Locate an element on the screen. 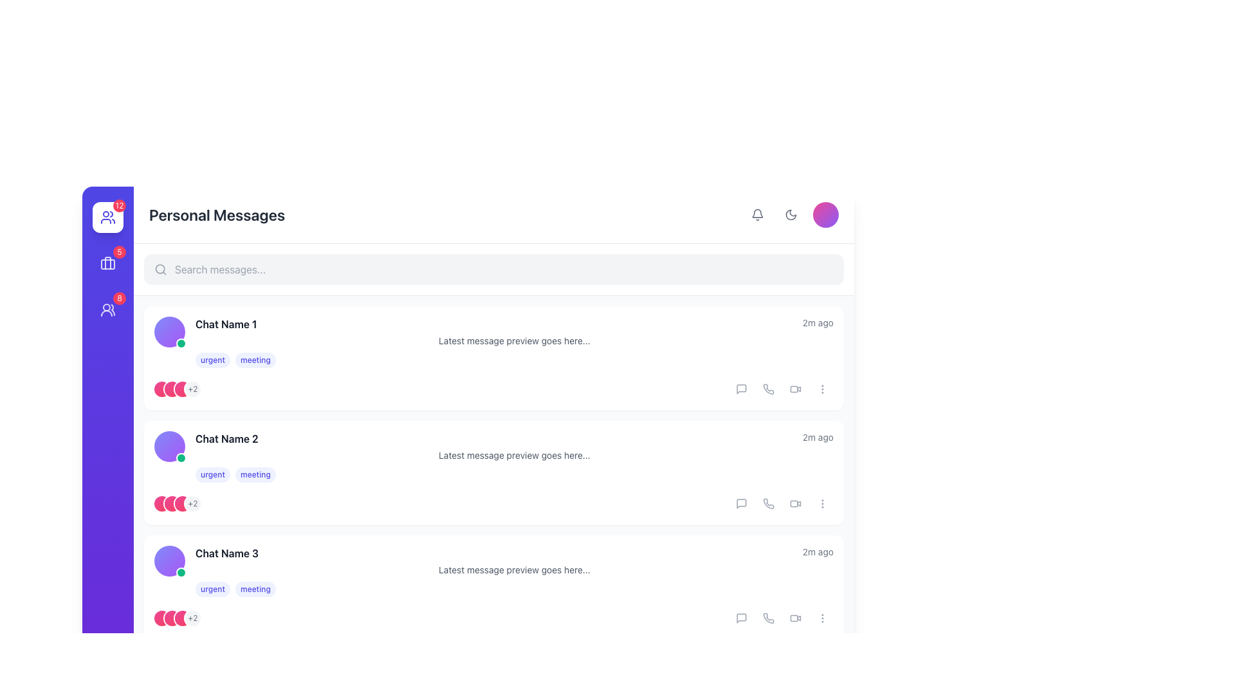 This screenshot has height=695, width=1235. the circular badge with a light gray background containing the text '+2', located to the left of the message preview text in the second chat entry, following three overlapping pink gradient circles is located at coordinates (176, 503).